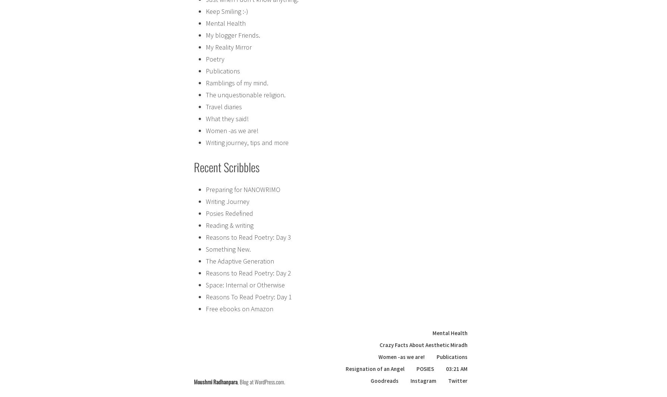 The height and width of the screenshot is (397, 667). I want to click on 'Writing Journey', so click(205, 201).